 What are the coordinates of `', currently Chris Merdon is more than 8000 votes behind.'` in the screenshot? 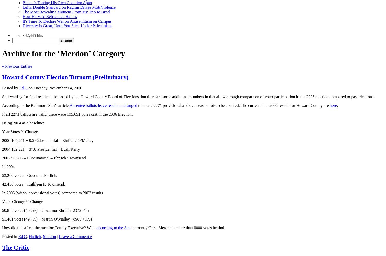 It's located at (130, 227).